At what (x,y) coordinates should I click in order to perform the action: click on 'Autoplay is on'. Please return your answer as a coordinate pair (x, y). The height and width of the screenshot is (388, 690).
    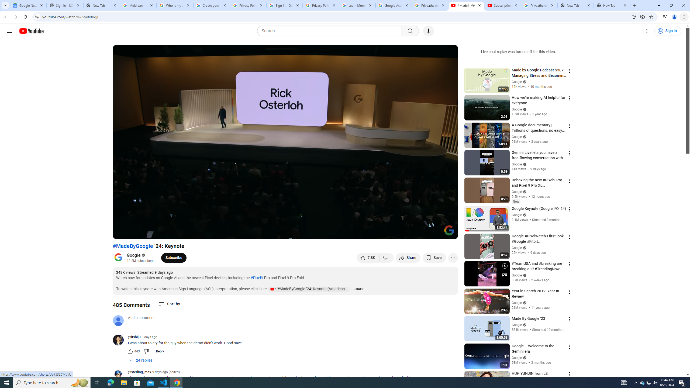
    Looking at the image, I should click on (383, 232).